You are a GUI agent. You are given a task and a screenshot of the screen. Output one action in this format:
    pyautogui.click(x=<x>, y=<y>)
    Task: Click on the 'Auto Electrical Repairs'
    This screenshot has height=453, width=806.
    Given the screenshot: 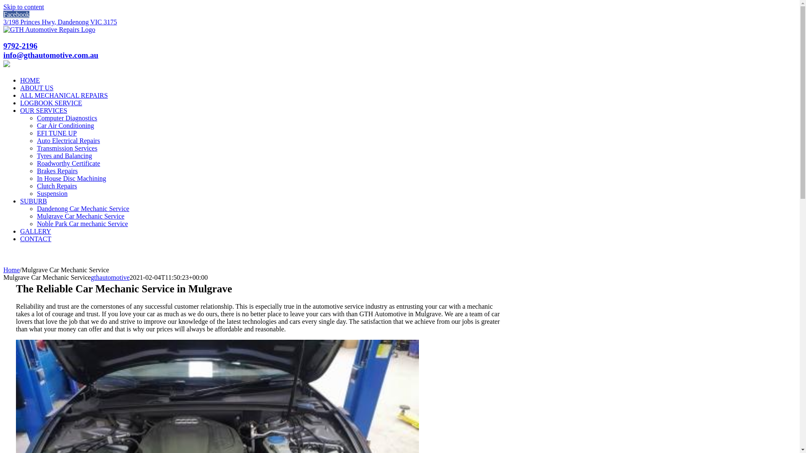 What is the action you would take?
    pyautogui.click(x=68, y=140)
    